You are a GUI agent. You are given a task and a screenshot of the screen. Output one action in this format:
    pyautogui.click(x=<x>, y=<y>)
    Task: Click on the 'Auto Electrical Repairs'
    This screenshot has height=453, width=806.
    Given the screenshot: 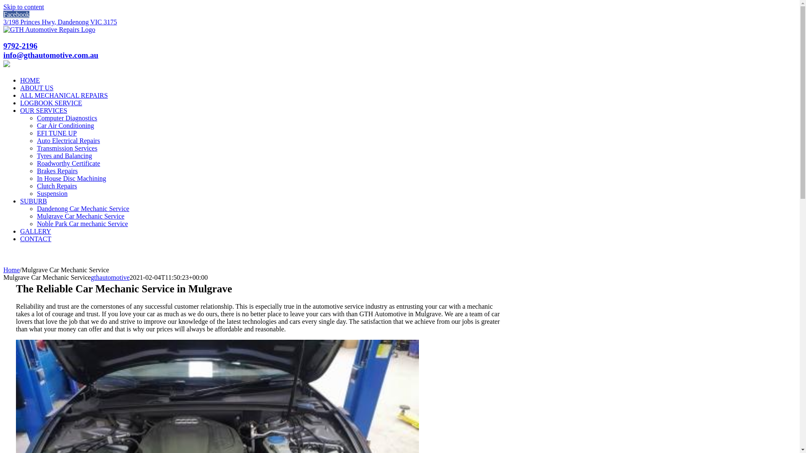 What is the action you would take?
    pyautogui.click(x=68, y=140)
    